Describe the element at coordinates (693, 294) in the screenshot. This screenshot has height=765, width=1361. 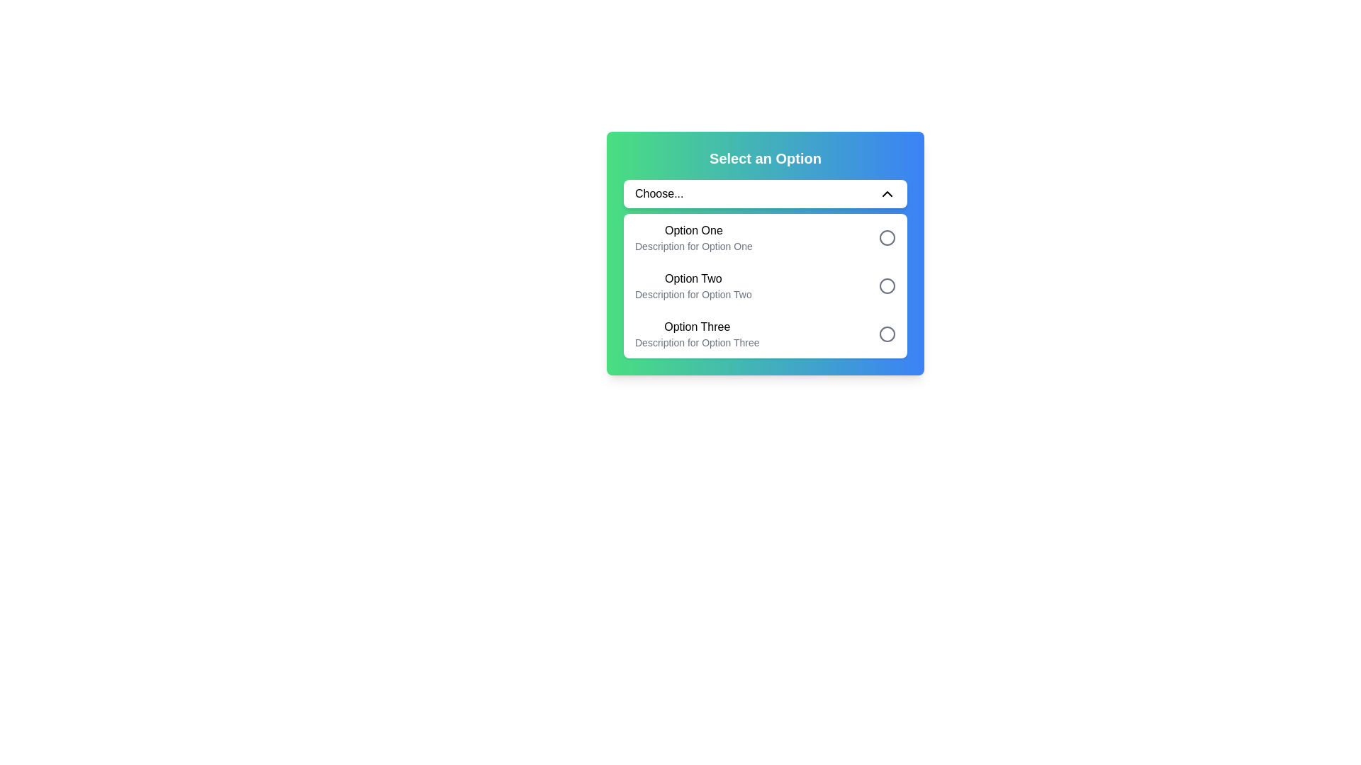
I see `the static text that serves as a descriptive subtitle for 'Option Two', positioned directly below the sibling text in the dropdown box` at that location.